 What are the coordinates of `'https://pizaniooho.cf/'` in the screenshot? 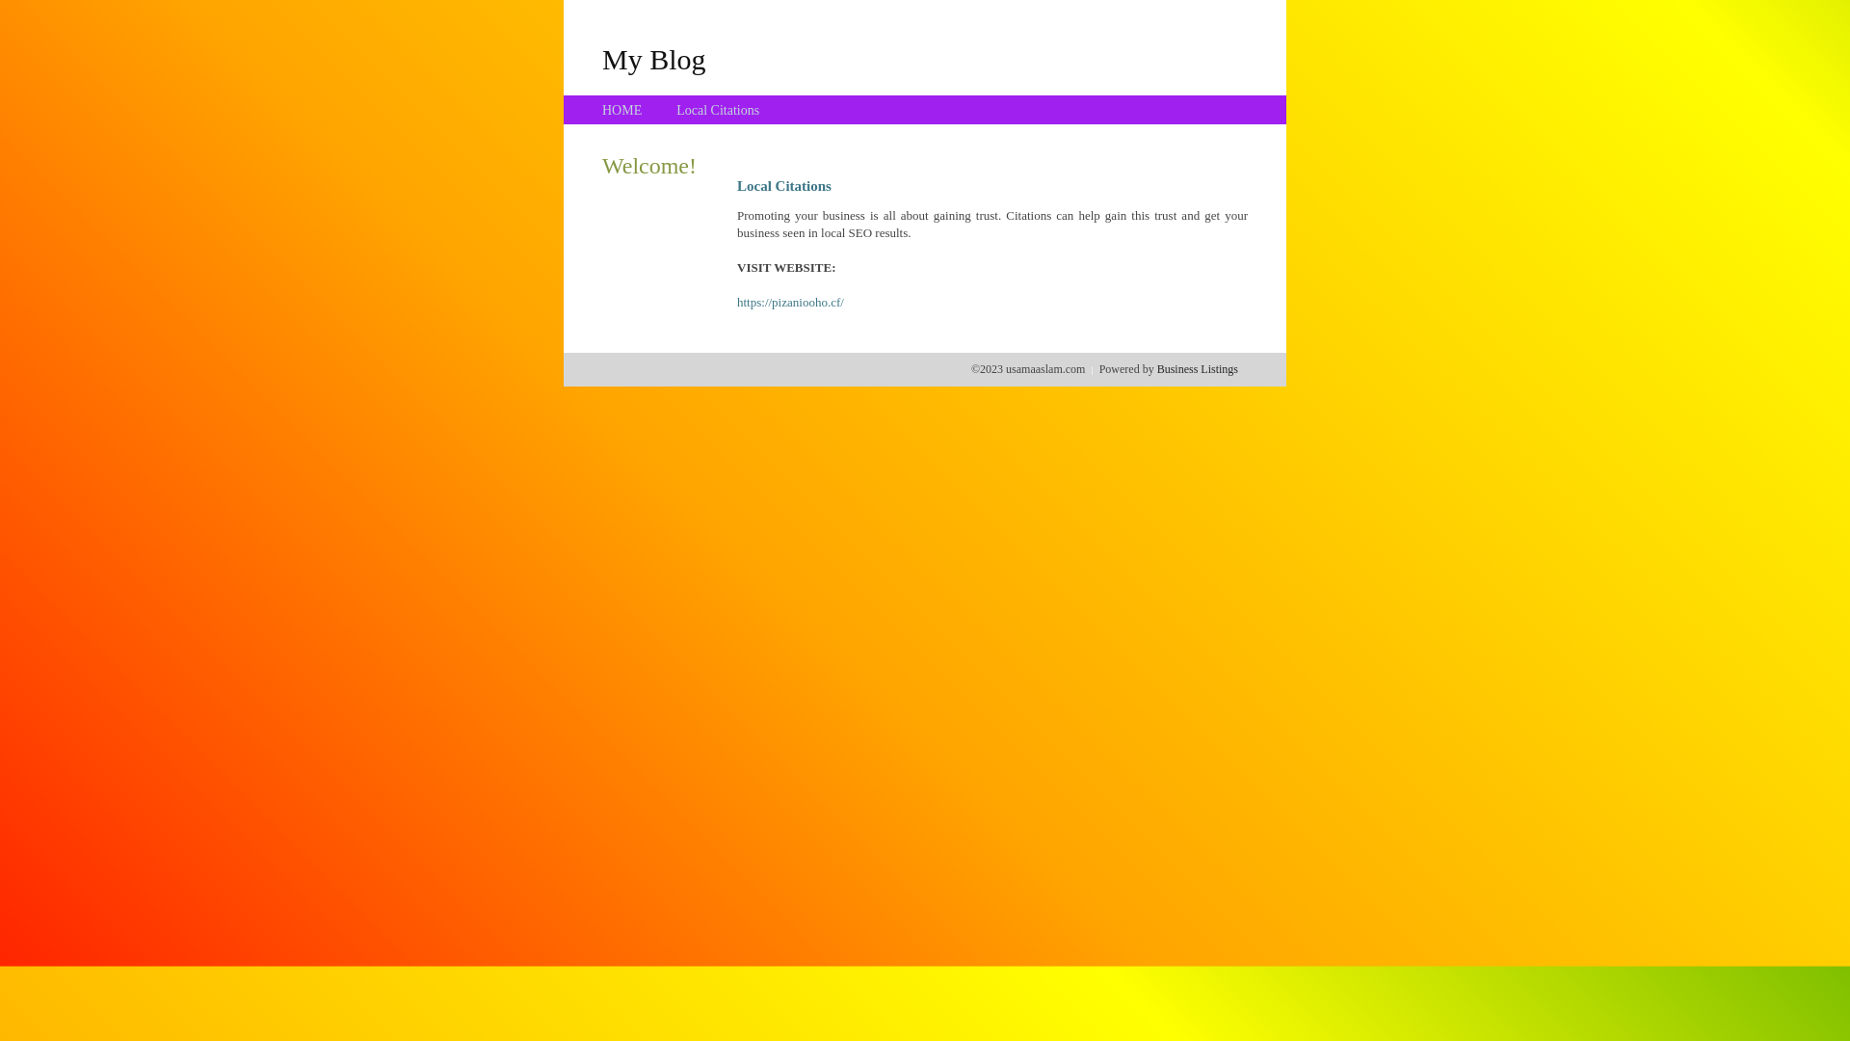 It's located at (790, 302).